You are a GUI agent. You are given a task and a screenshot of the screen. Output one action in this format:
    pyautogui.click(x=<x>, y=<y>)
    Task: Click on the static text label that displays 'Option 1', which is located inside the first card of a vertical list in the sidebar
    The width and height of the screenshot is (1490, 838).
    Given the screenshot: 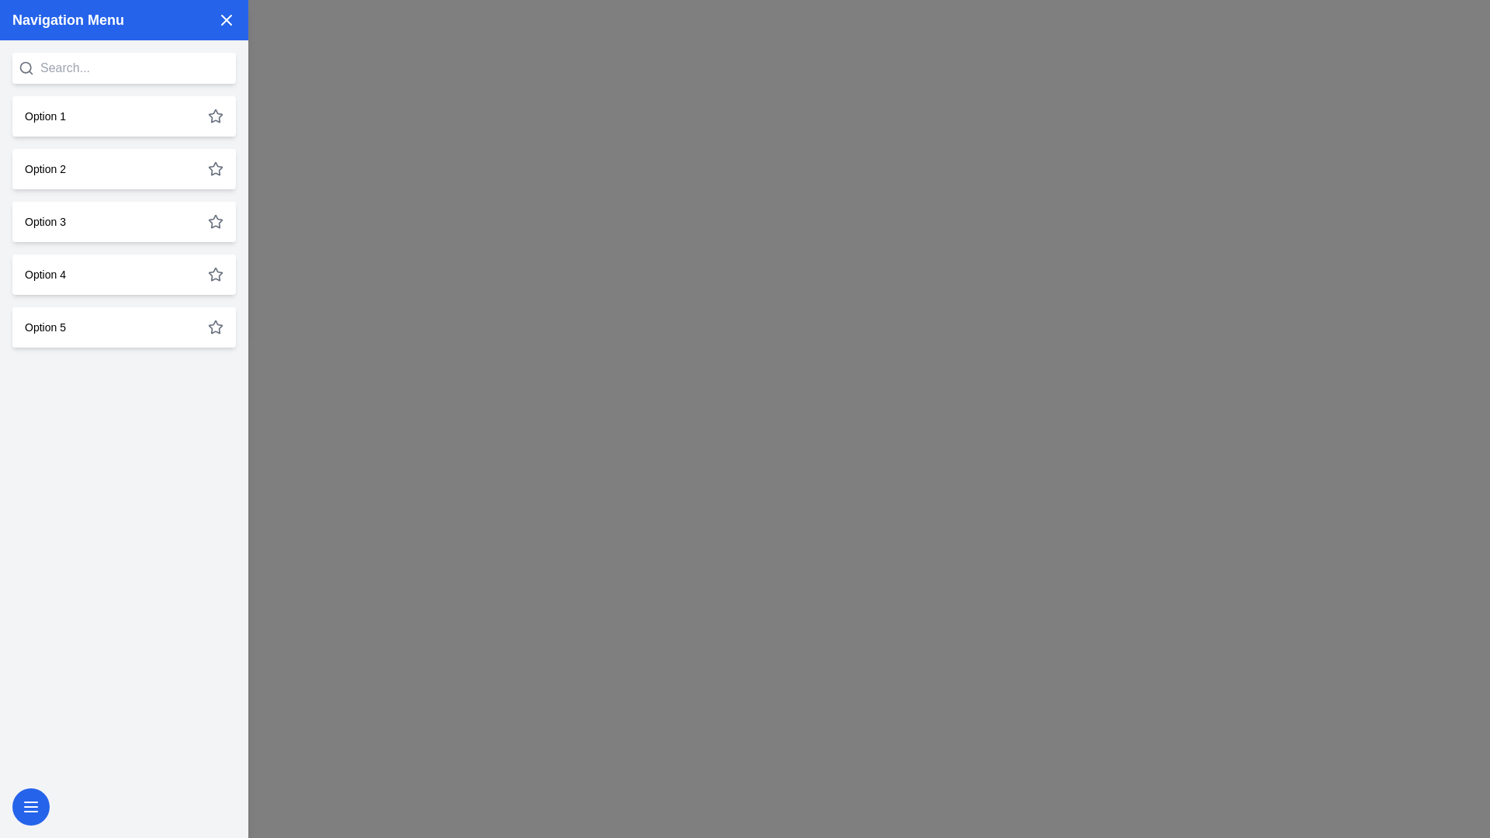 What is the action you would take?
    pyautogui.click(x=45, y=116)
    